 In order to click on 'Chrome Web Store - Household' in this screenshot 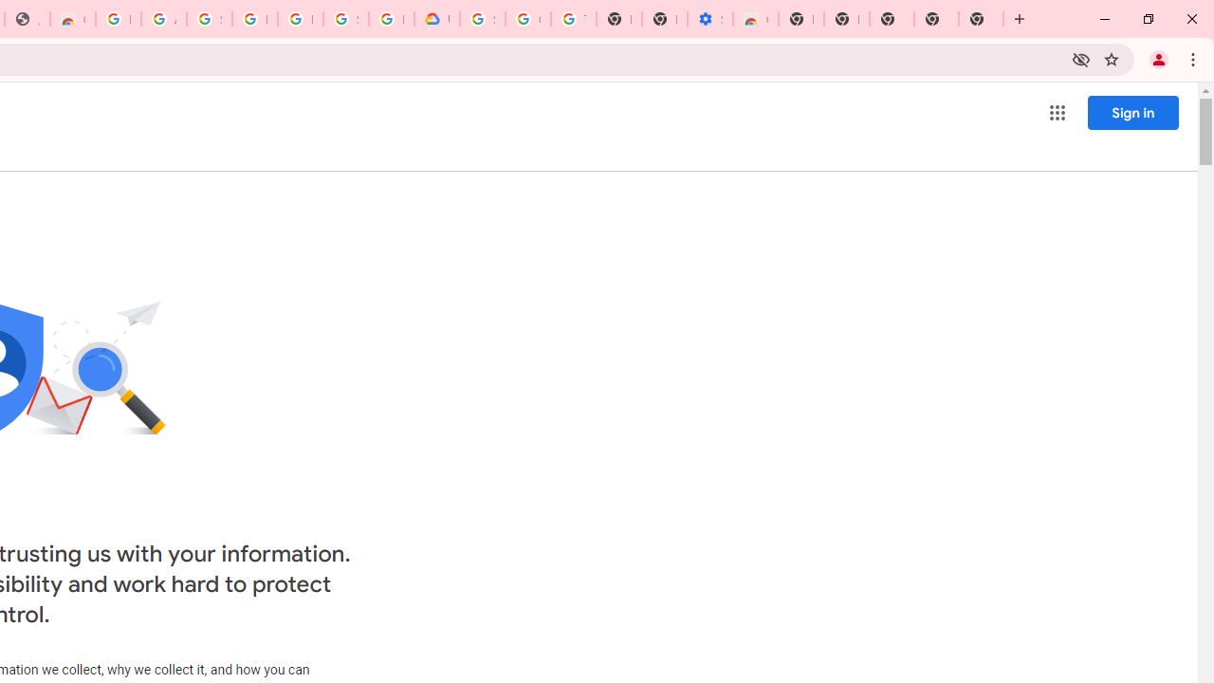, I will do `click(72, 19)`.